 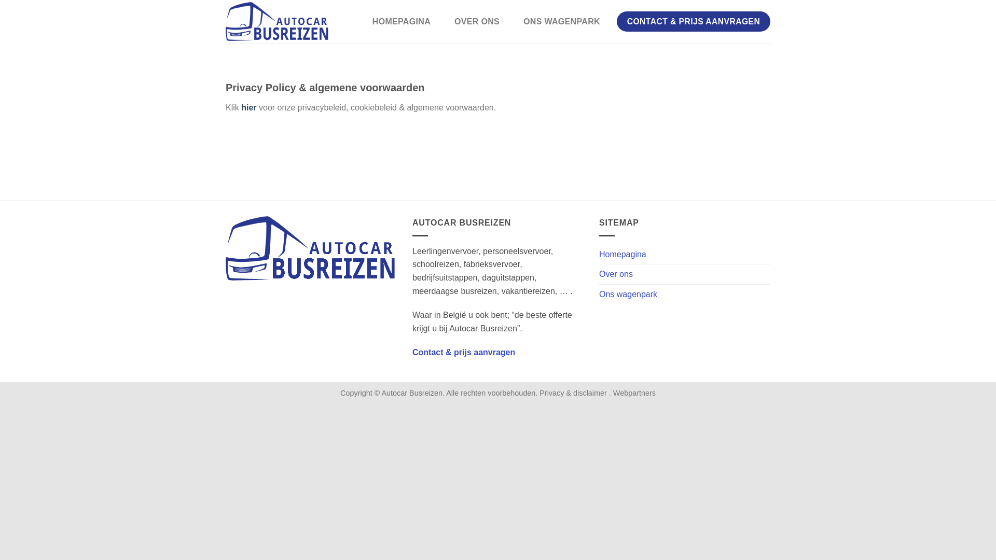 What do you see at coordinates (561, 22) in the screenshot?
I see `'ONS WAGENPARK'` at bounding box center [561, 22].